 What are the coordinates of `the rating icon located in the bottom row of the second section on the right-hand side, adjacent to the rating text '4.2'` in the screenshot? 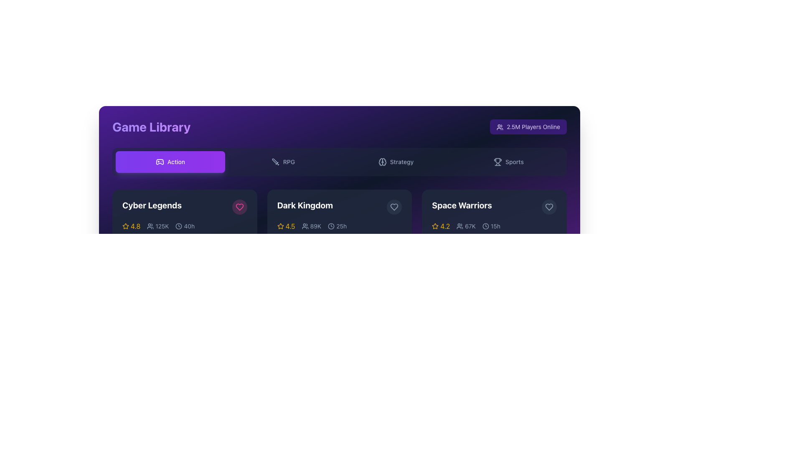 It's located at (435, 226).